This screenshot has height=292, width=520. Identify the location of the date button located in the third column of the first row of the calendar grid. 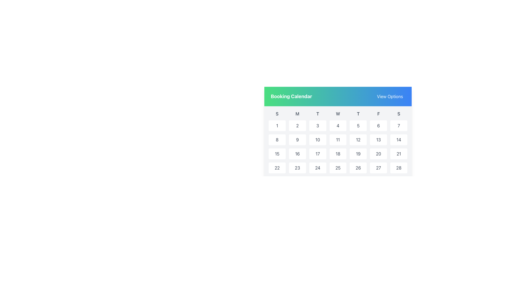
(318, 126).